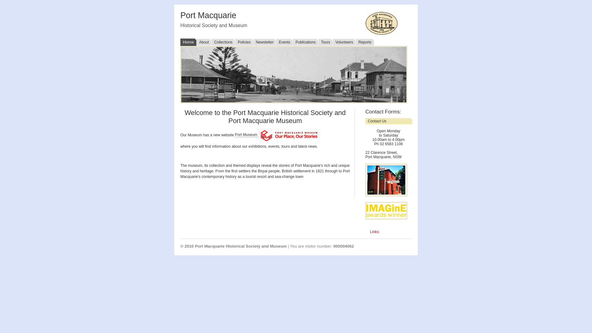  What do you see at coordinates (211, 42) in the screenshot?
I see `'Collections'` at bounding box center [211, 42].